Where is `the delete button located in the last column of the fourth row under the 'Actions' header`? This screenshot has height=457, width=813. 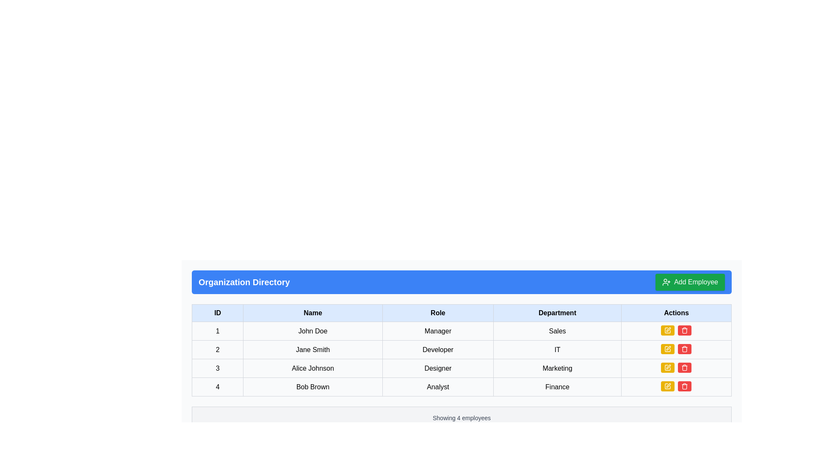
the delete button located in the last column of the fourth row under the 'Actions' header is located at coordinates (685, 386).